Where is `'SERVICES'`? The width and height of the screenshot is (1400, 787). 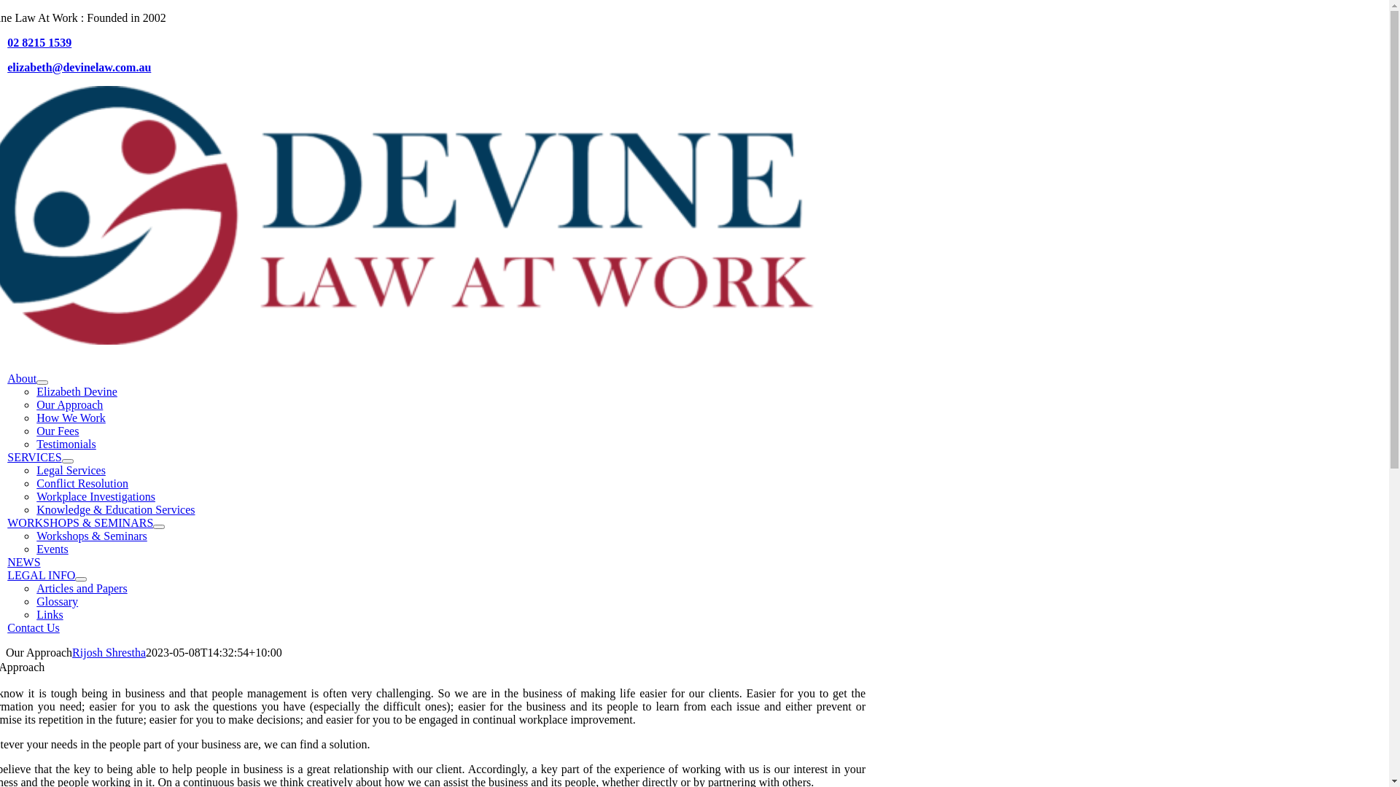 'SERVICES' is located at coordinates (34, 456).